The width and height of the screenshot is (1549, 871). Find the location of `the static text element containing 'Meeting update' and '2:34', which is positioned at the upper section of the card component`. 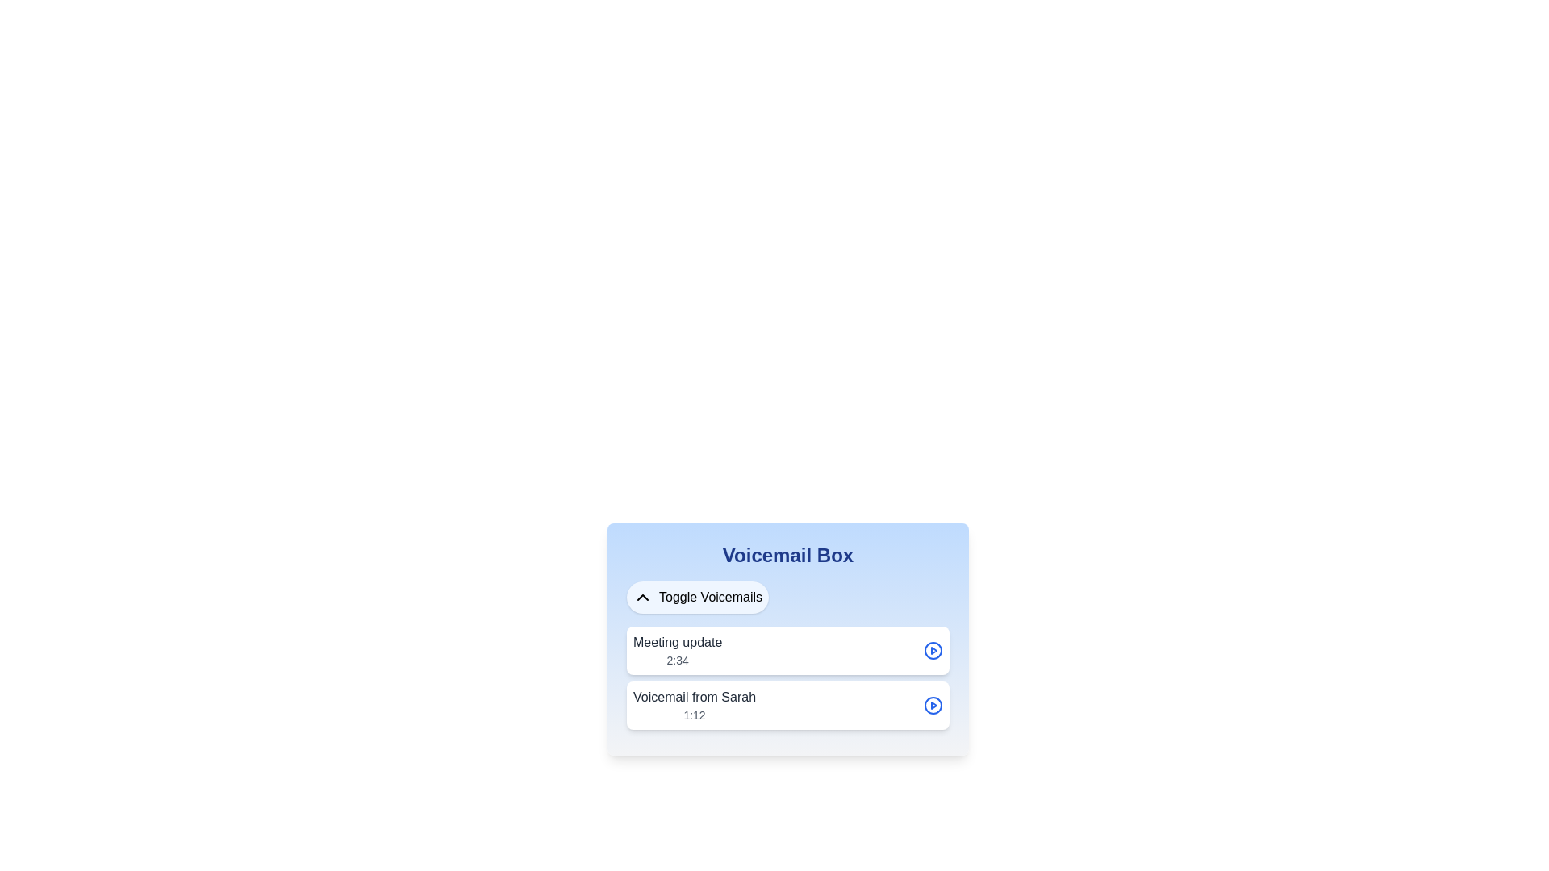

the static text element containing 'Meeting update' and '2:34', which is positioned at the upper section of the card component is located at coordinates (678, 649).